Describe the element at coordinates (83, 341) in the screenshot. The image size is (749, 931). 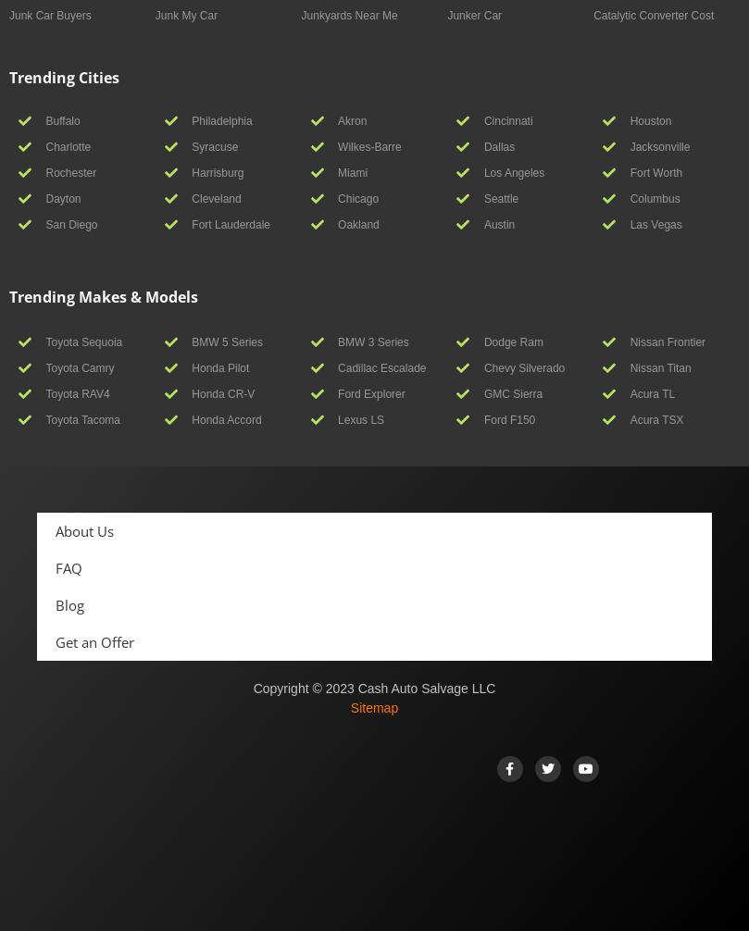
I see `'Toyota Sequoia'` at that location.